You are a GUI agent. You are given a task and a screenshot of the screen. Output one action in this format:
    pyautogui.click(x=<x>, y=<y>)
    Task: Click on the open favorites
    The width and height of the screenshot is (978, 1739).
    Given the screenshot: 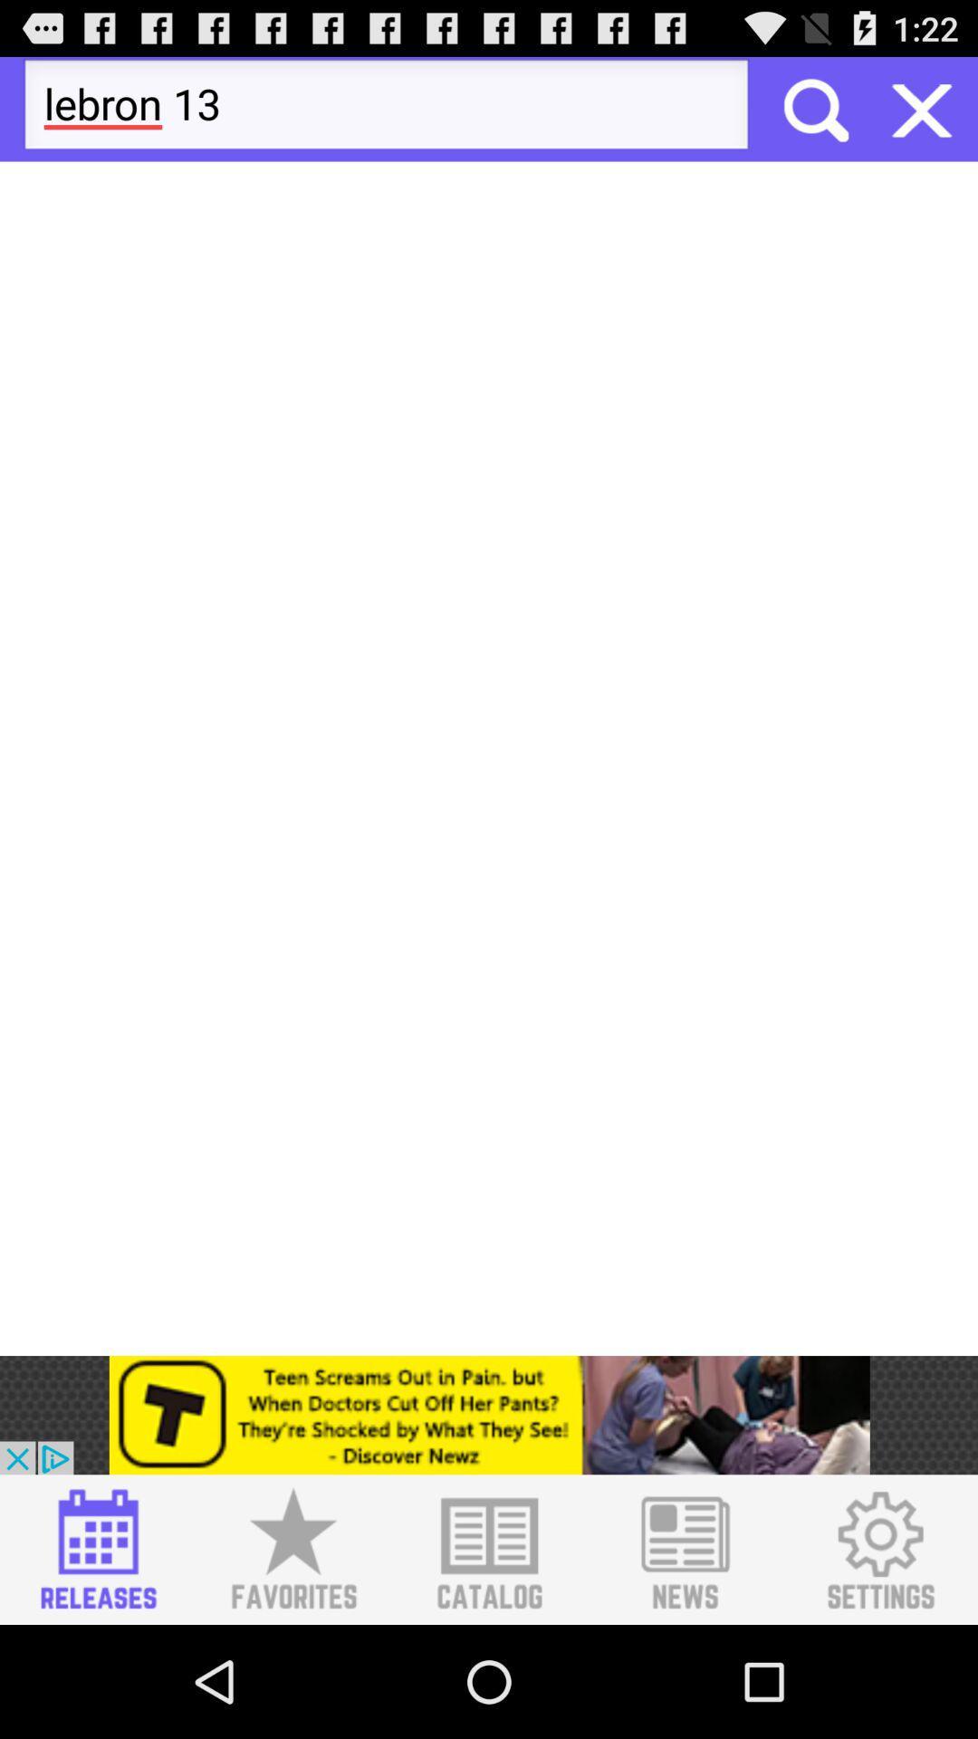 What is the action you would take?
    pyautogui.click(x=292, y=1549)
    